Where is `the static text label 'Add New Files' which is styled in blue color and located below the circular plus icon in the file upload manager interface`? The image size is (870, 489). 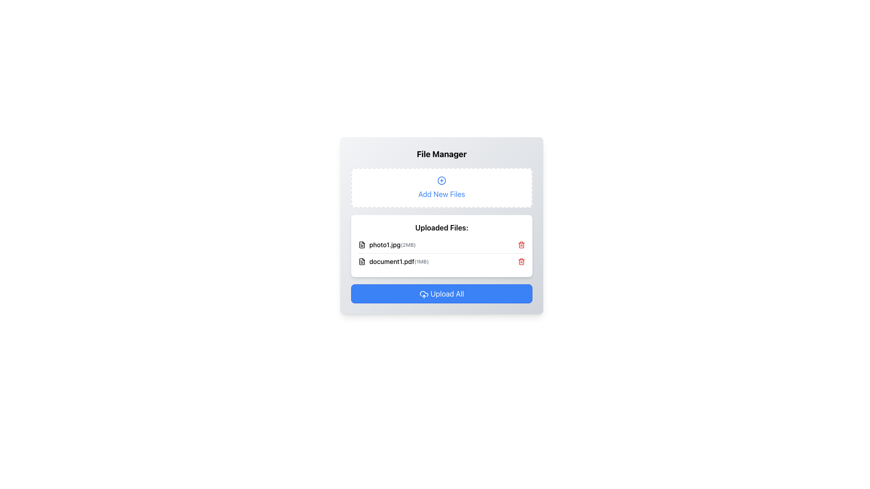
the static text label 'Add New Files' which is styled in blue color and located below the circular plus icon in the file upload manager interface is located at coordinates (441, 193).